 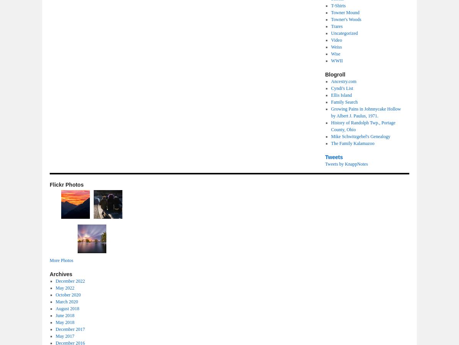 I want to click on 'December 2017', so click(x=70, y=329).